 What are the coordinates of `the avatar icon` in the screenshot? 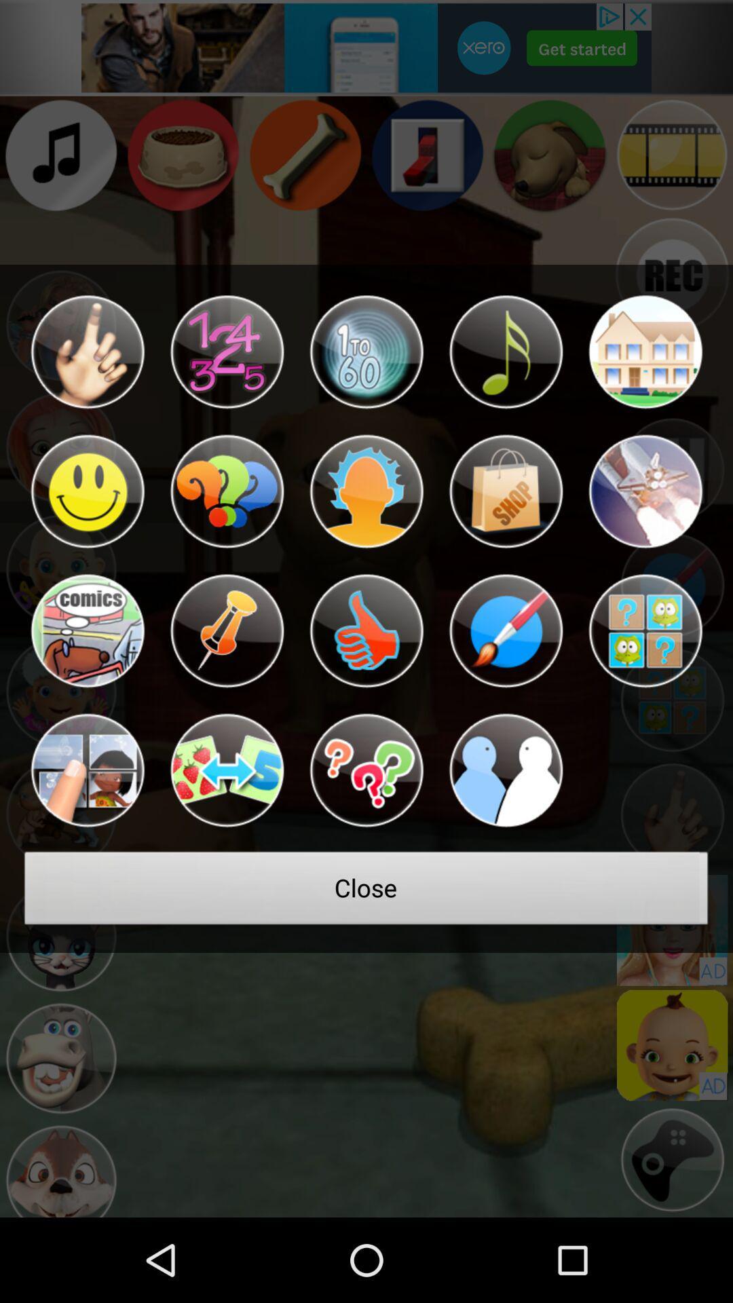 It's located at (366, 525).